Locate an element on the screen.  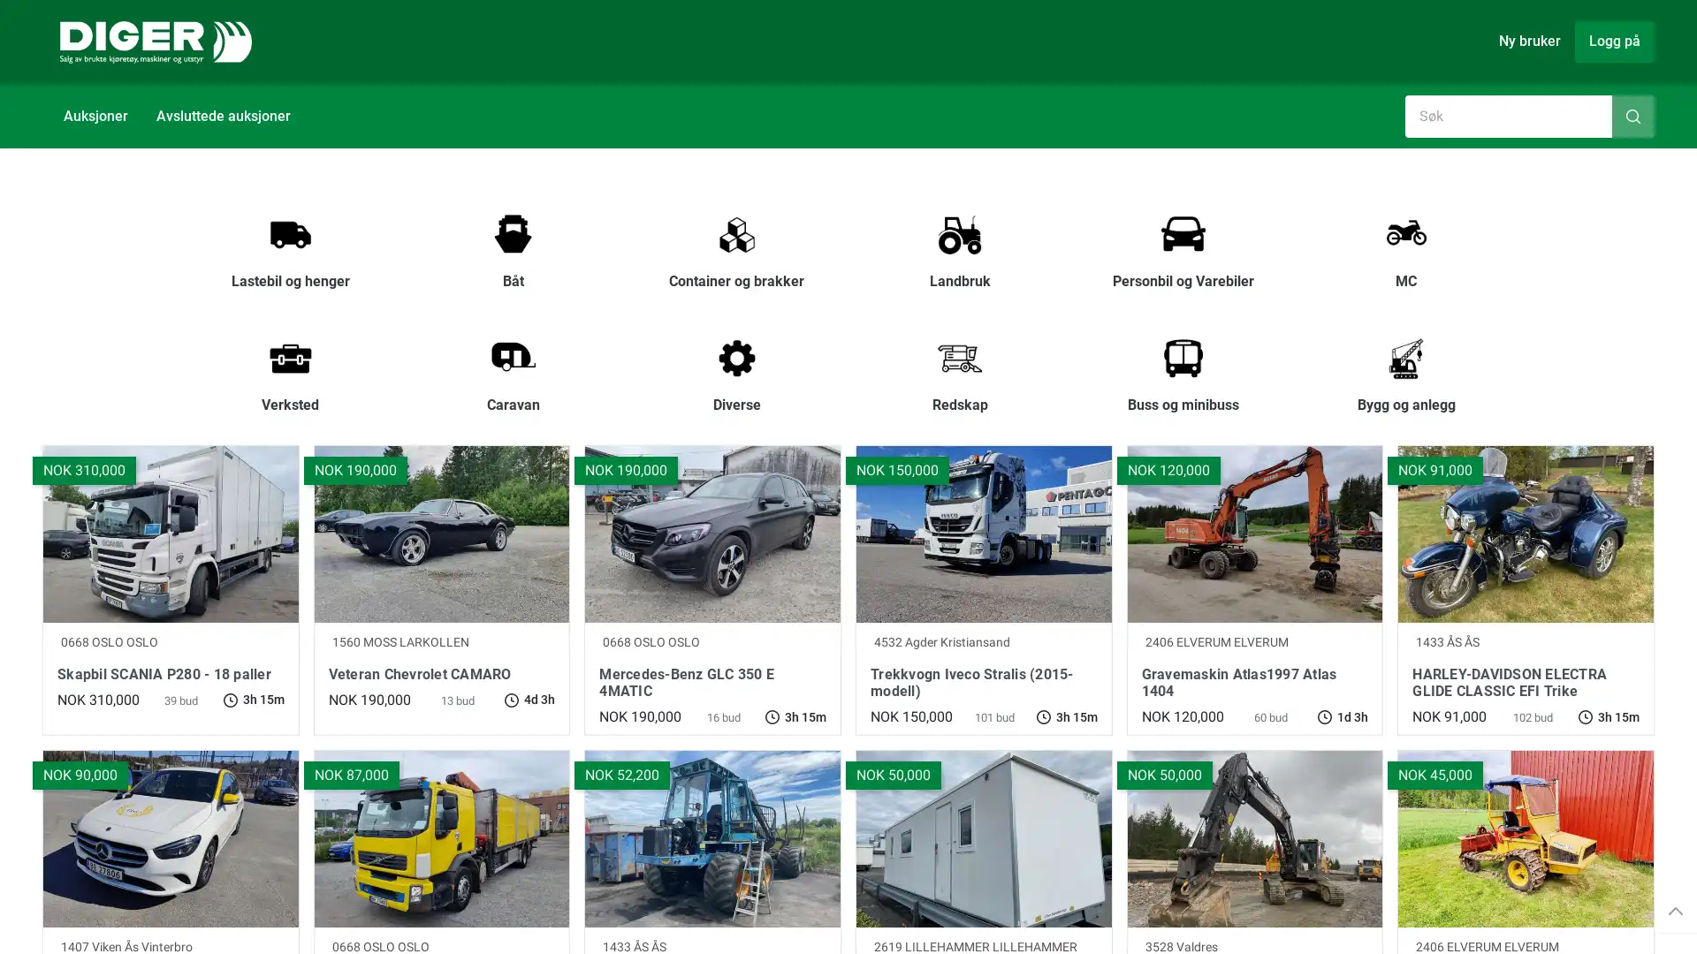
Ny bruker is located at coordinates (1529, 40).